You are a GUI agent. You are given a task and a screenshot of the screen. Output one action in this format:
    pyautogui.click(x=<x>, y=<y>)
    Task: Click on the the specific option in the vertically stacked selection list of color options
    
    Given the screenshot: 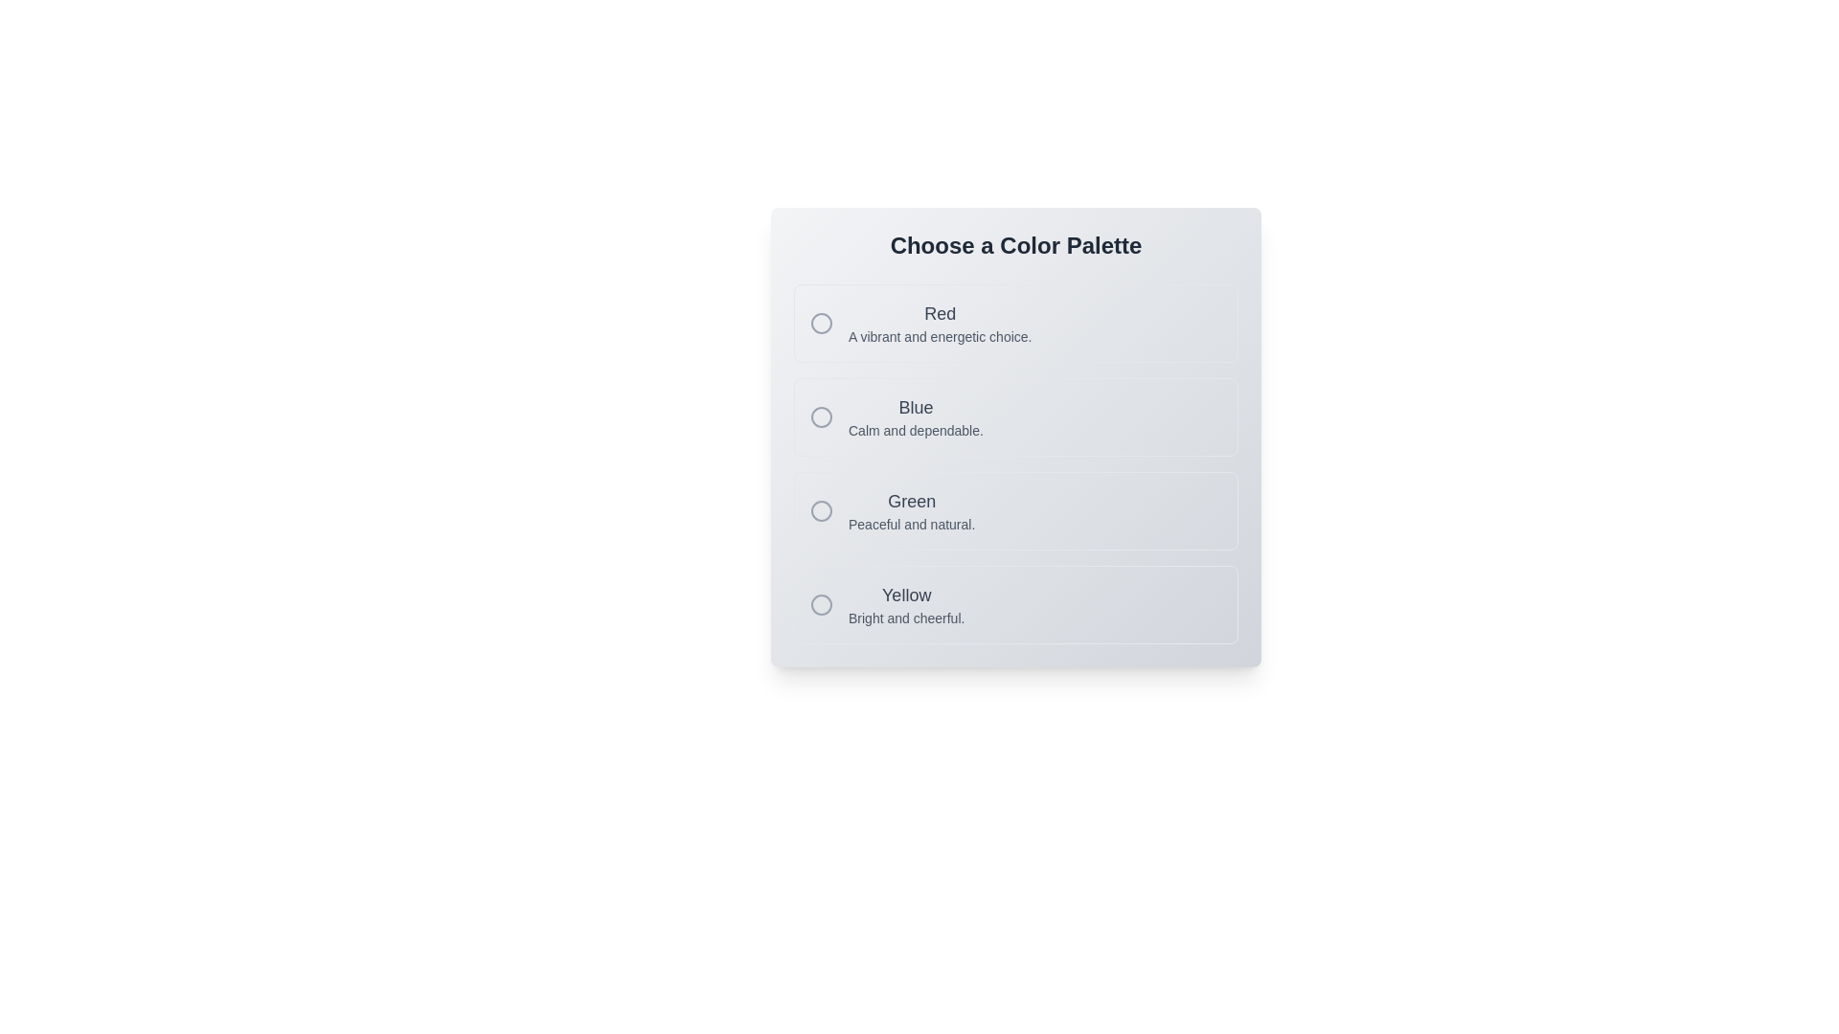 What is the action you would take?
    pyautogui.click(x=1014, y=464)
    